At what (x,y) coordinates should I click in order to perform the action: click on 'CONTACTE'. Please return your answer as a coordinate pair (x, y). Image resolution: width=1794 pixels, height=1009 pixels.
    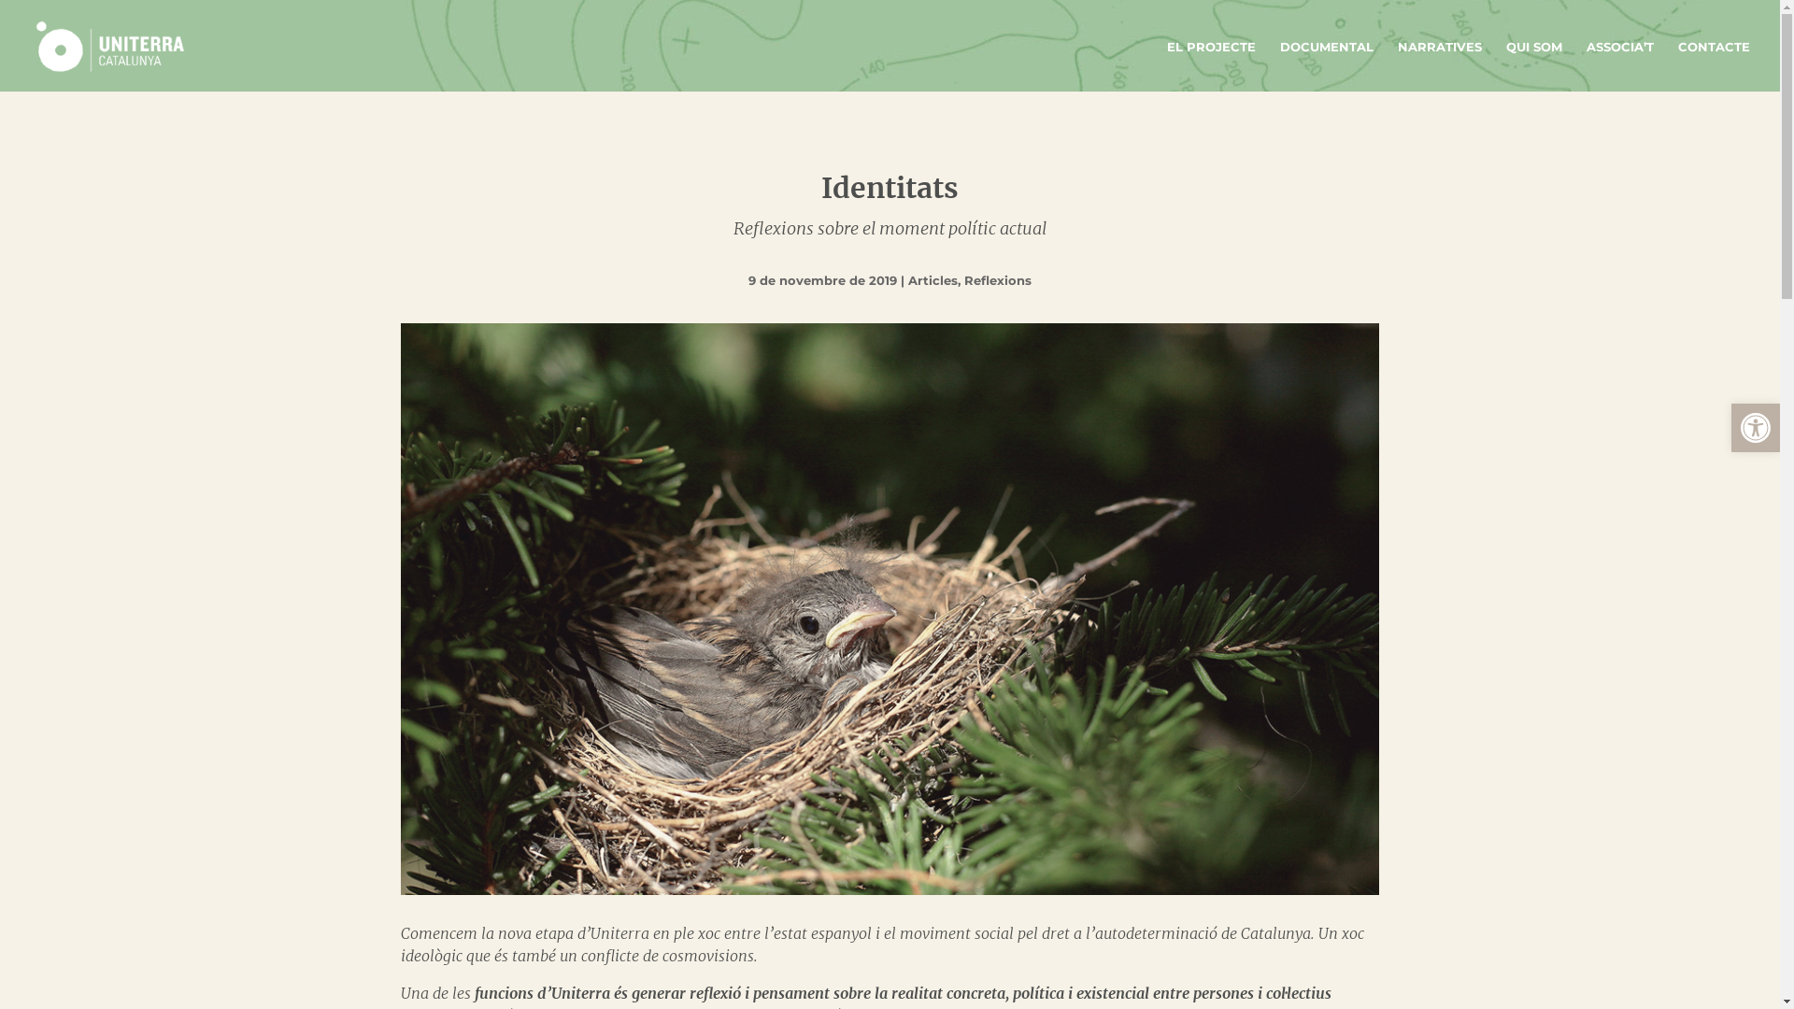
    Looking at the image, I should click on (1714, 65).